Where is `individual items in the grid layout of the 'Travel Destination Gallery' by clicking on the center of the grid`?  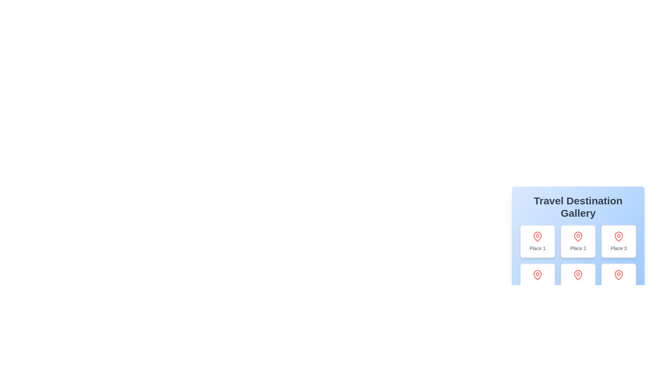
individual items in the grid layout of the 'Travel Destination Gallery' by clicking on the center of the grid is located at coordinates (577, 261).